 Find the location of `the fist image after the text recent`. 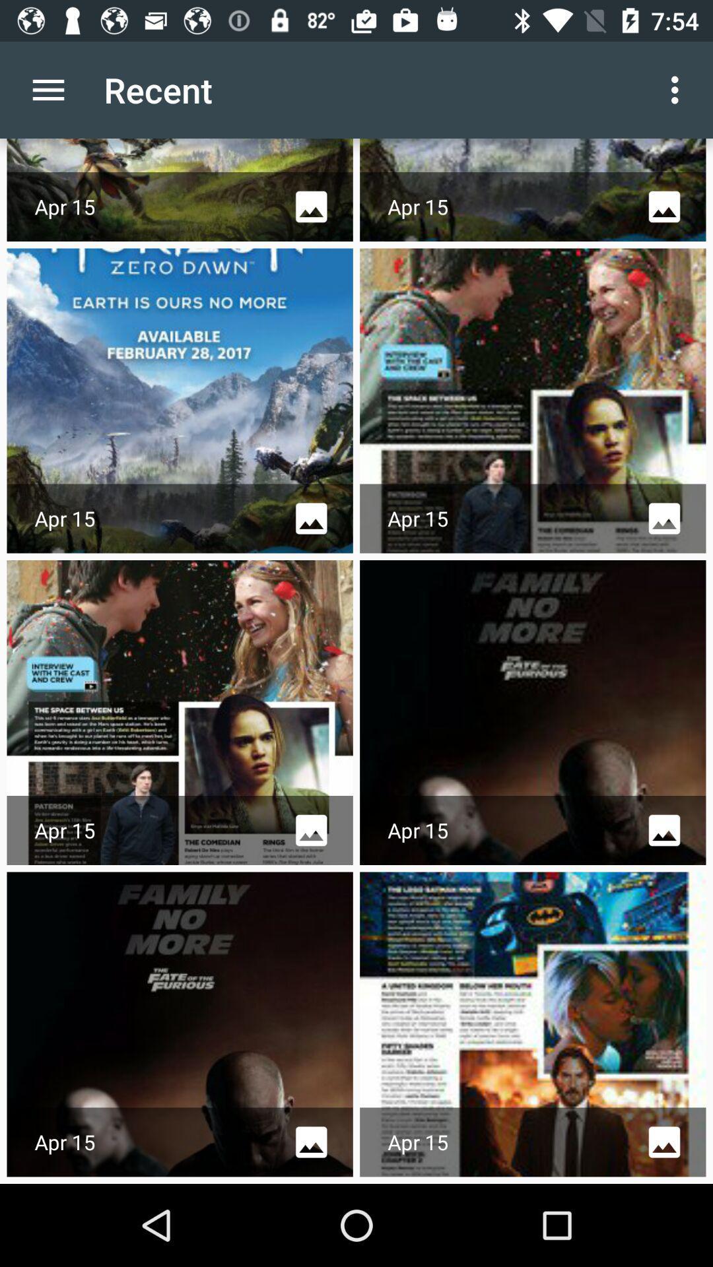

the fist image after the text recent is located at coordinates (180, 189).